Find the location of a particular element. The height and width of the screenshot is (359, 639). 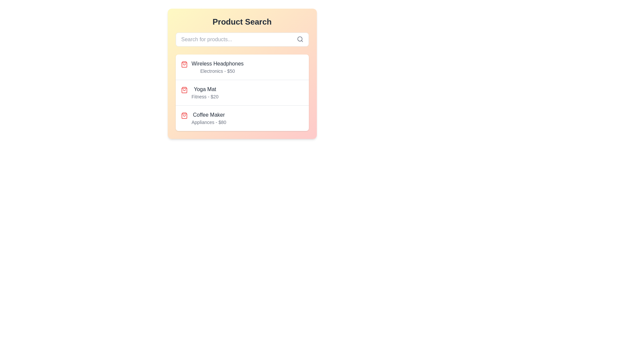

the first selectable item in the product list, which is positioned above 'Yoga Mat' and 'Coffee Maker' is located at coordinates (242, 67).